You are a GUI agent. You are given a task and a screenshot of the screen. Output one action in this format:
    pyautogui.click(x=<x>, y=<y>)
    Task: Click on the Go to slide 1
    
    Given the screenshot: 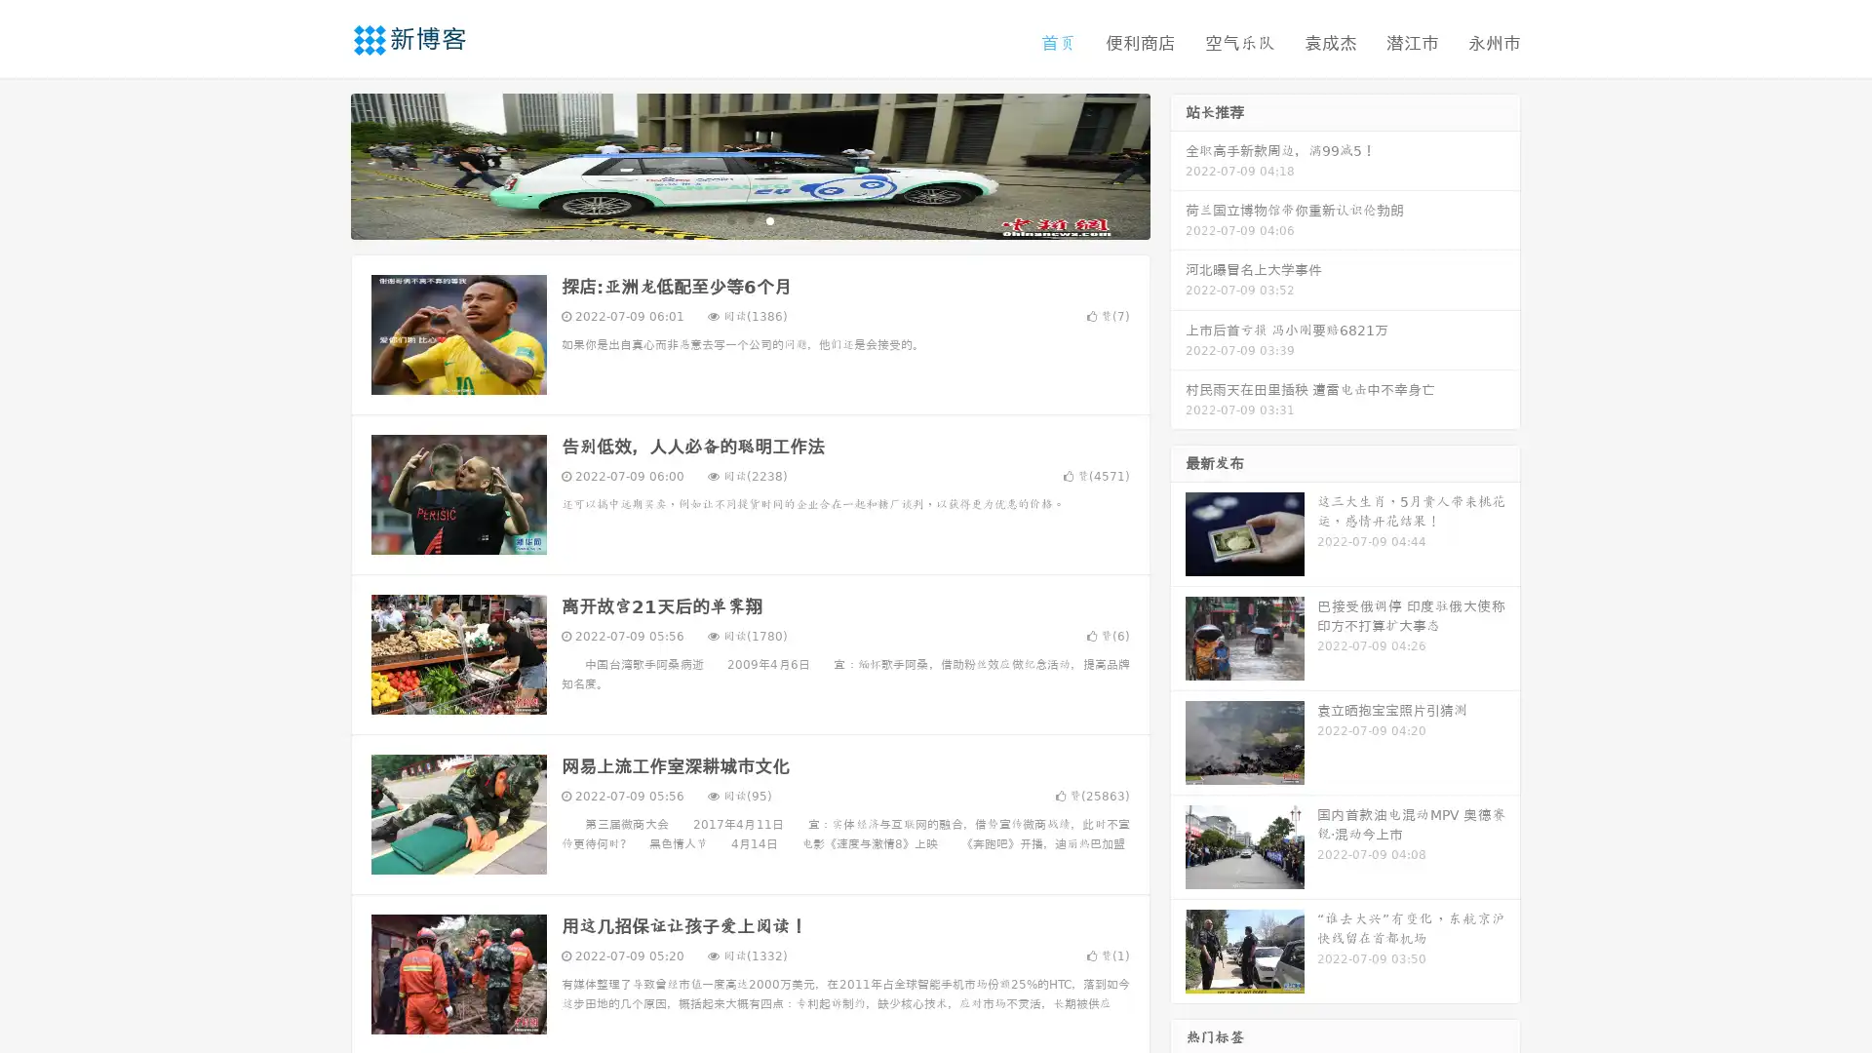 What is the action you would take?
    pyautogui.click(x=729, y=219)
    